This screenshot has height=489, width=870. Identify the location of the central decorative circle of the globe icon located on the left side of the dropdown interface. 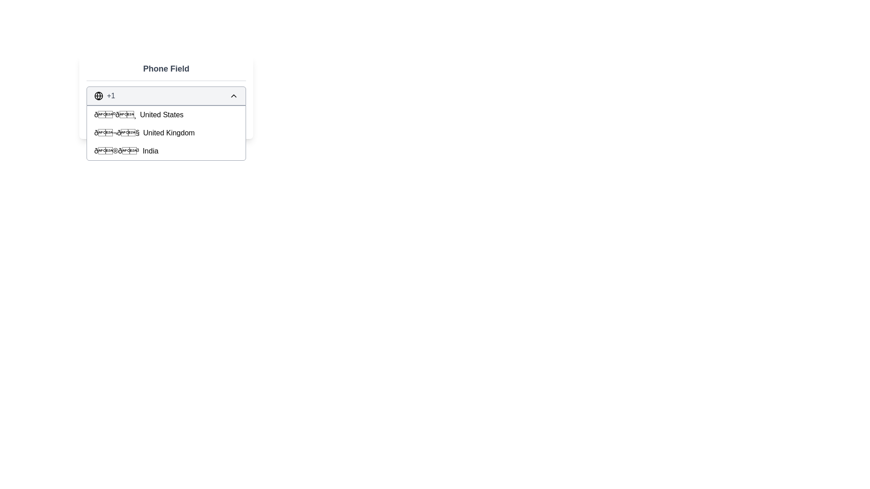
(98, 96).